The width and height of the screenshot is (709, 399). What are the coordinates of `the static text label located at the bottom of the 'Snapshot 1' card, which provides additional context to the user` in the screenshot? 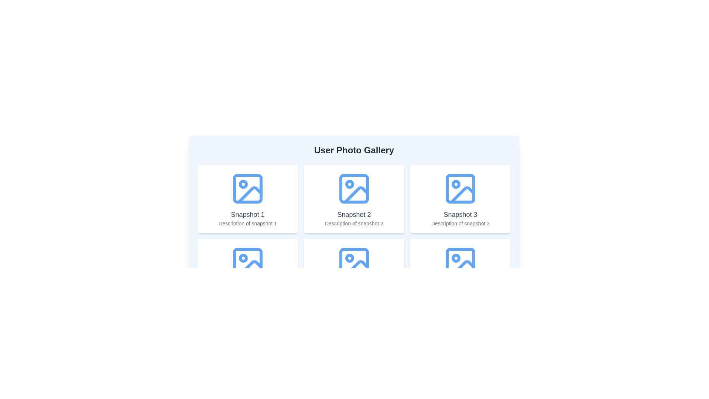 It's located at (248, 223).